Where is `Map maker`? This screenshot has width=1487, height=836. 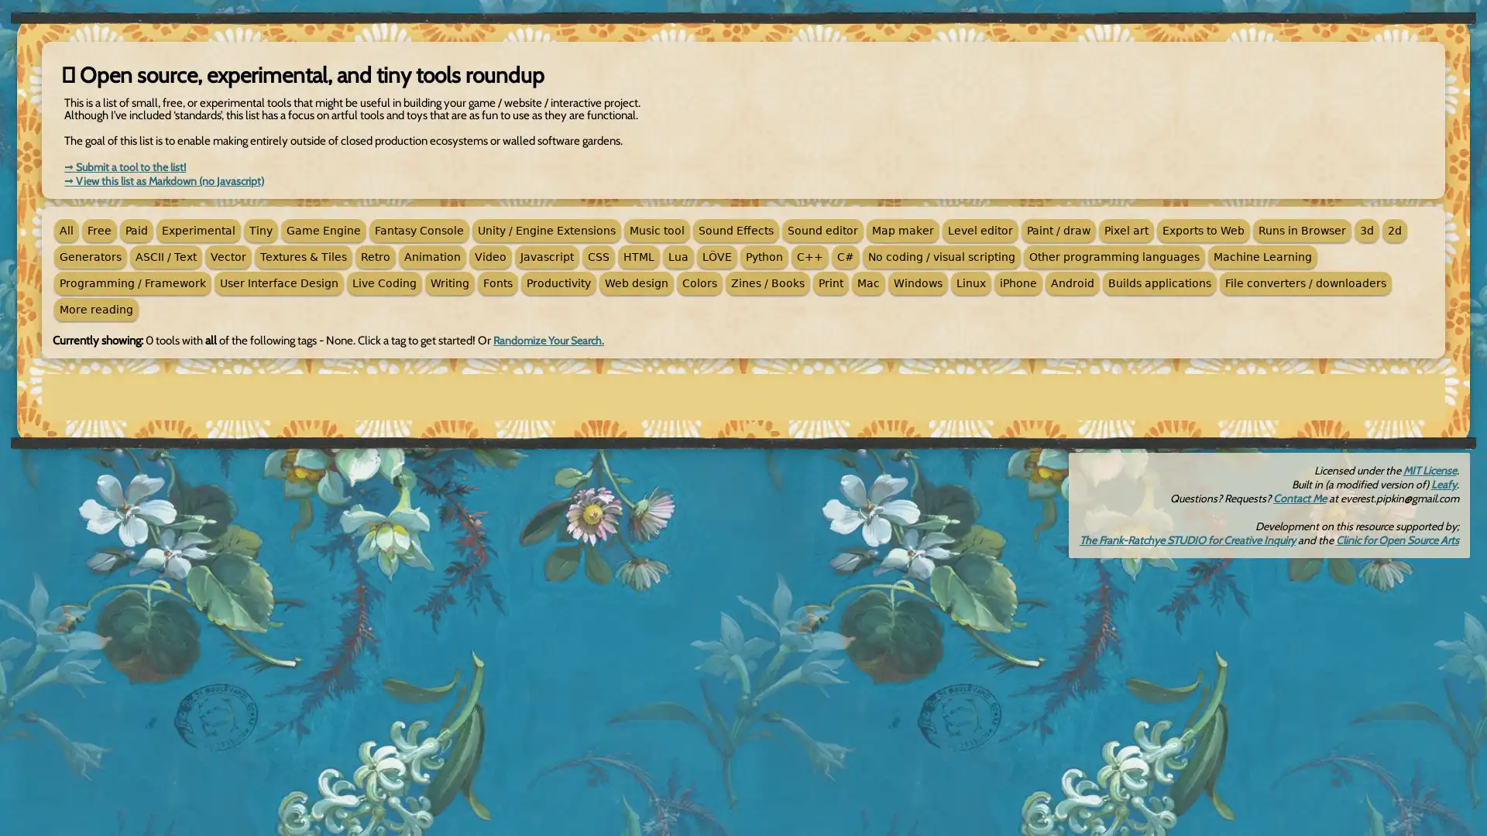
Map maker is located at coordinates (903, 230).